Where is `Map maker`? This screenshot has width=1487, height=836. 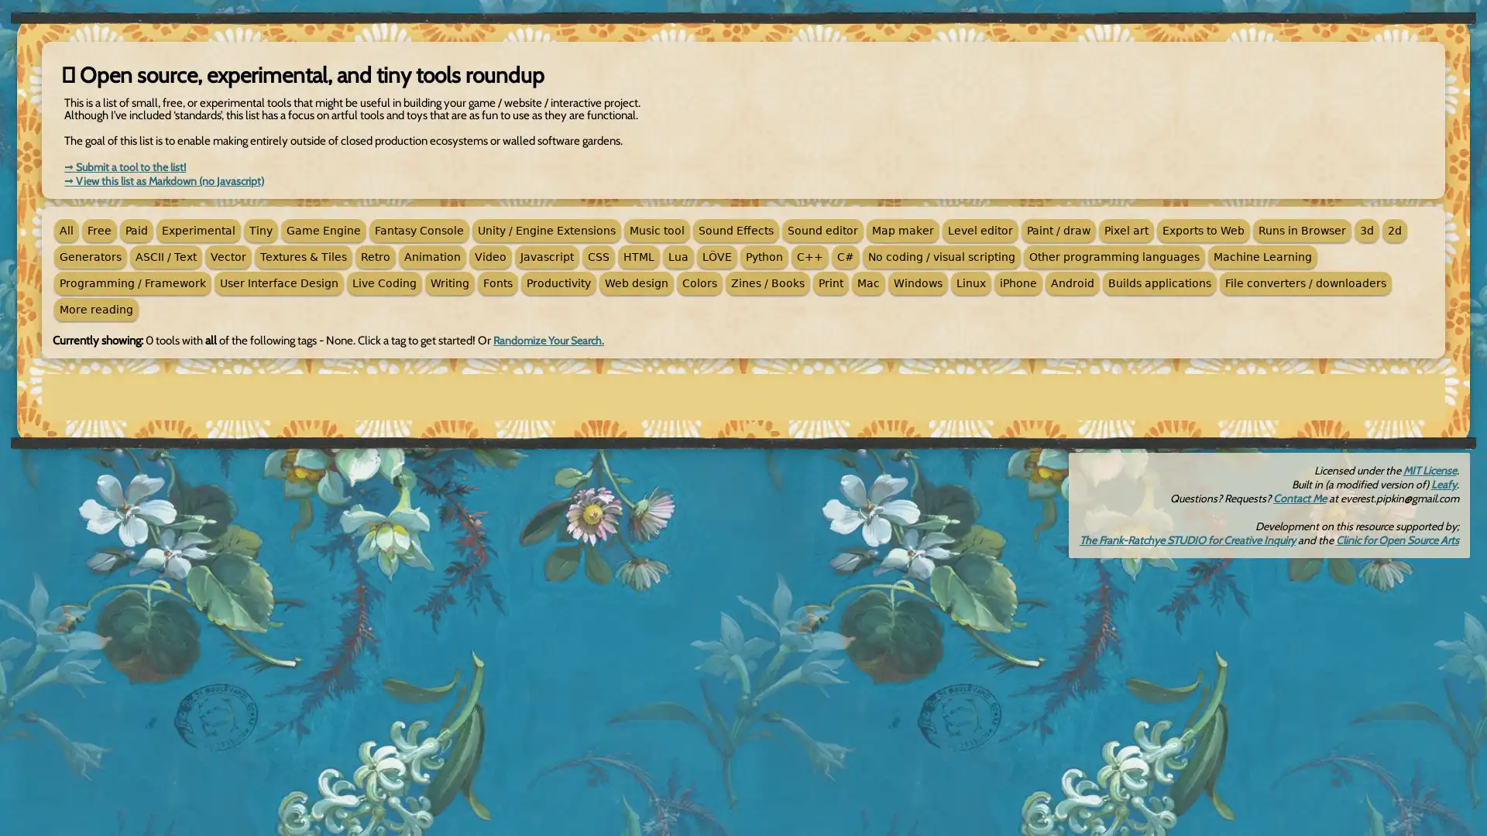
Map maker is located at coordinates (903, 230).